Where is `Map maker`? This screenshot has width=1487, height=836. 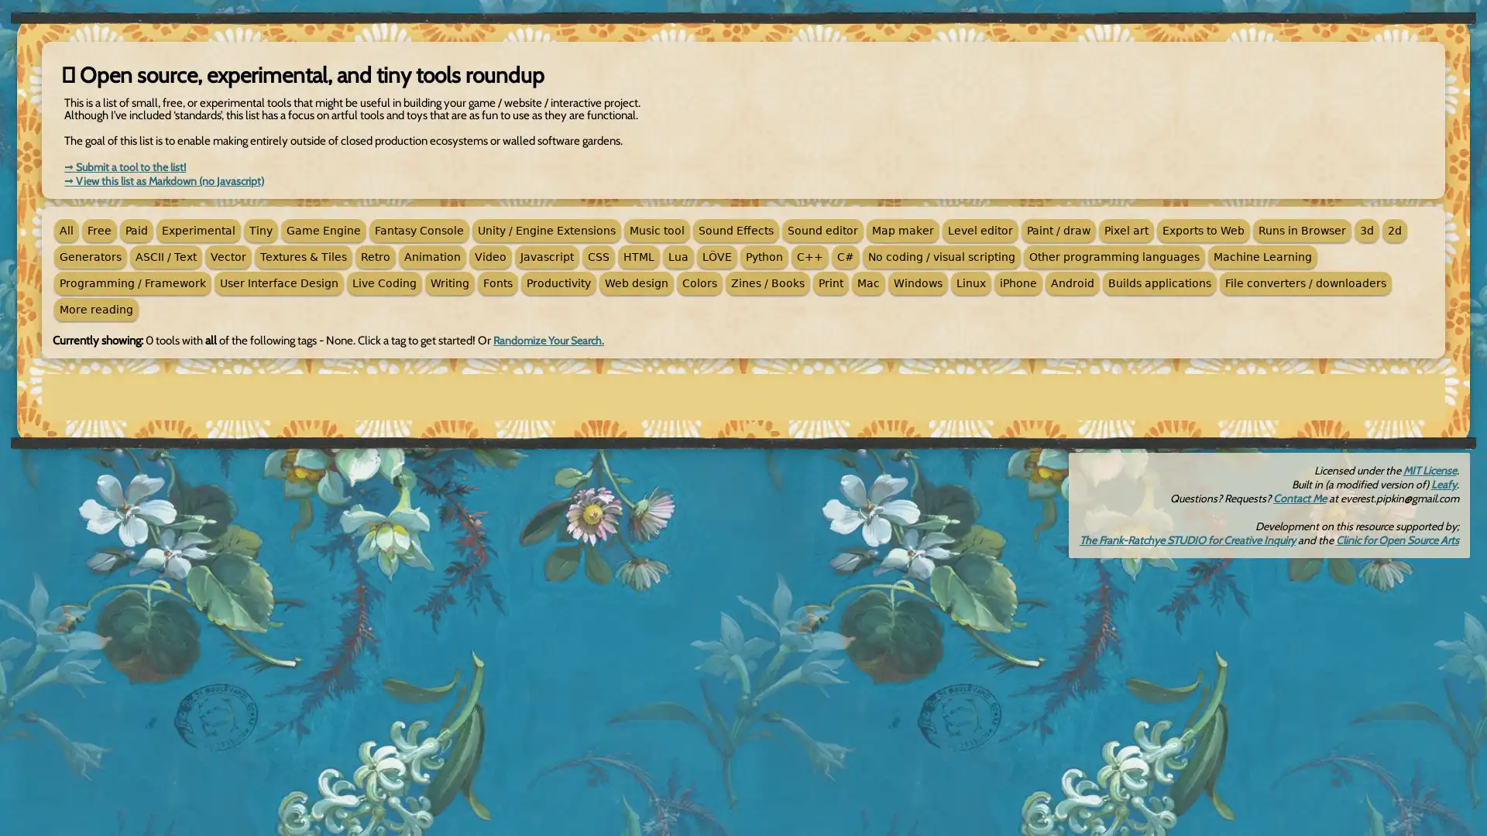
Map maker is located at coordinates (903, 230).